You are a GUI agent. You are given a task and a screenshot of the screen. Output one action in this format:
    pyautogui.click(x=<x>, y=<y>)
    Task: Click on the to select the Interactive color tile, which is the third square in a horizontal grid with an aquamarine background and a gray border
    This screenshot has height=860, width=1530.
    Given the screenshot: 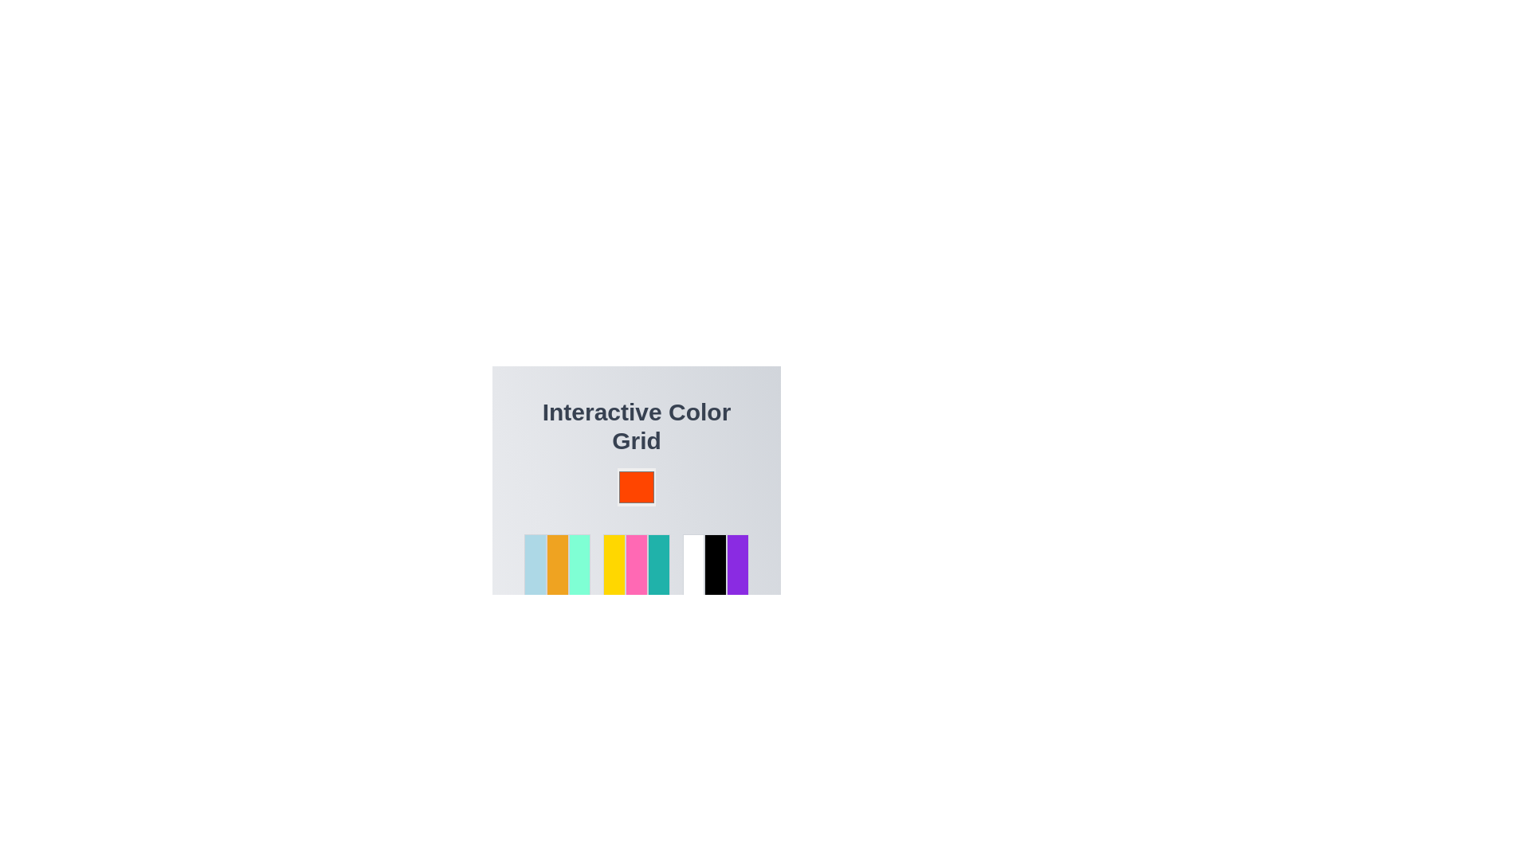 What is the action you would take?
    pyautogui.click(x=579, y=565)
    